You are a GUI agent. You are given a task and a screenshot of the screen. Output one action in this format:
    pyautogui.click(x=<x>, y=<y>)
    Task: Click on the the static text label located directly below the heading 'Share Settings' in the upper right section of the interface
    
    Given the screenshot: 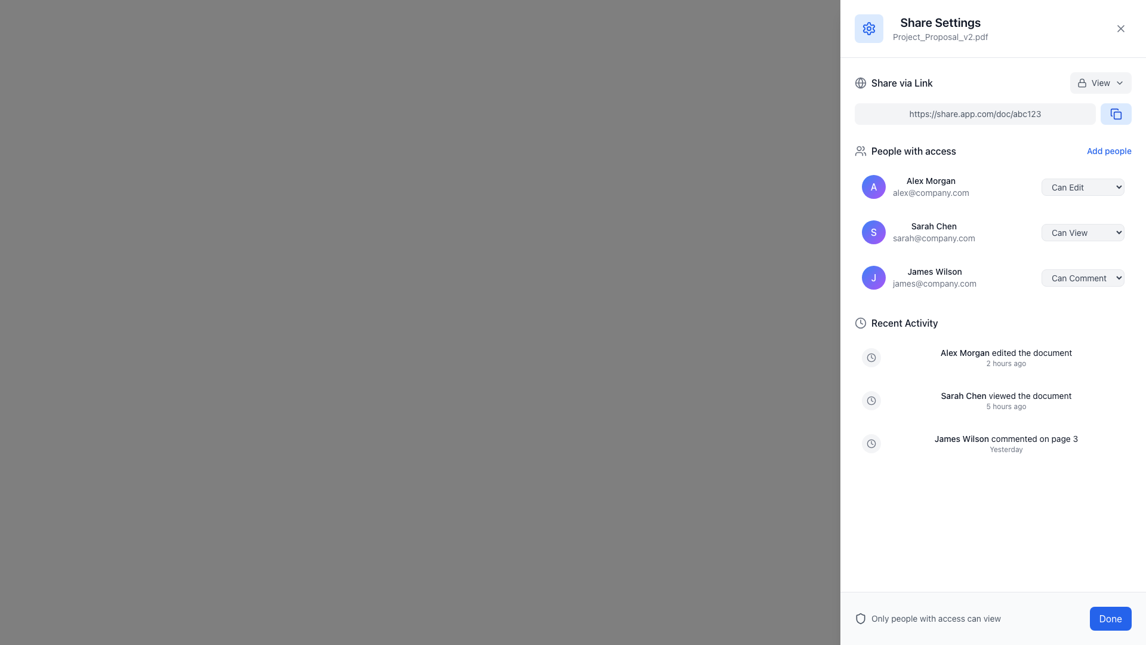 What is the action you would take?
    pyautogui.click(x=939, y=36)
    